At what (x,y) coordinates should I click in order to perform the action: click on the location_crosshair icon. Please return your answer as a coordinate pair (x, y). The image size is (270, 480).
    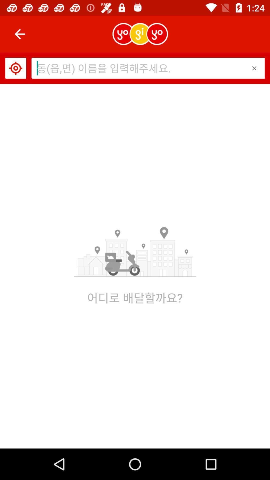
    Looking at the image, I should click on (15, 68).